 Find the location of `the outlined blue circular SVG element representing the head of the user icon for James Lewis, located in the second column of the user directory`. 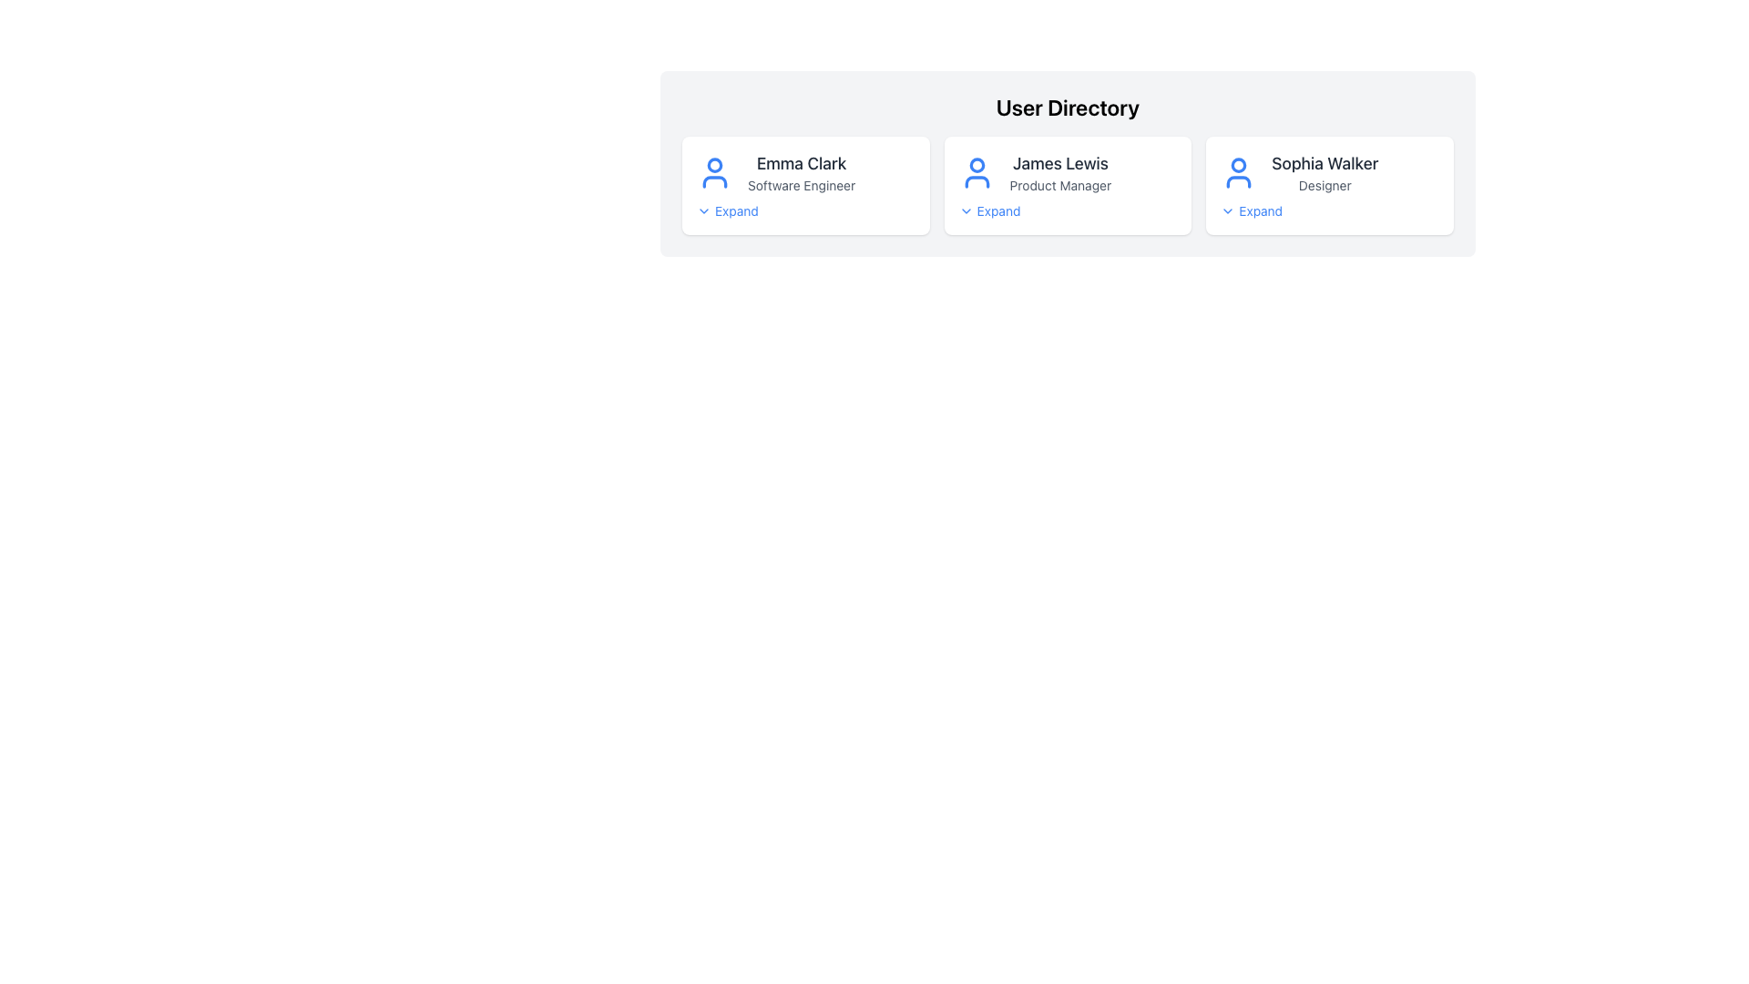

the outlined blue circular SVG element representing the head of the user icon for James Lewis, located in the second column of the user directory is located at coordinates (976, 165).